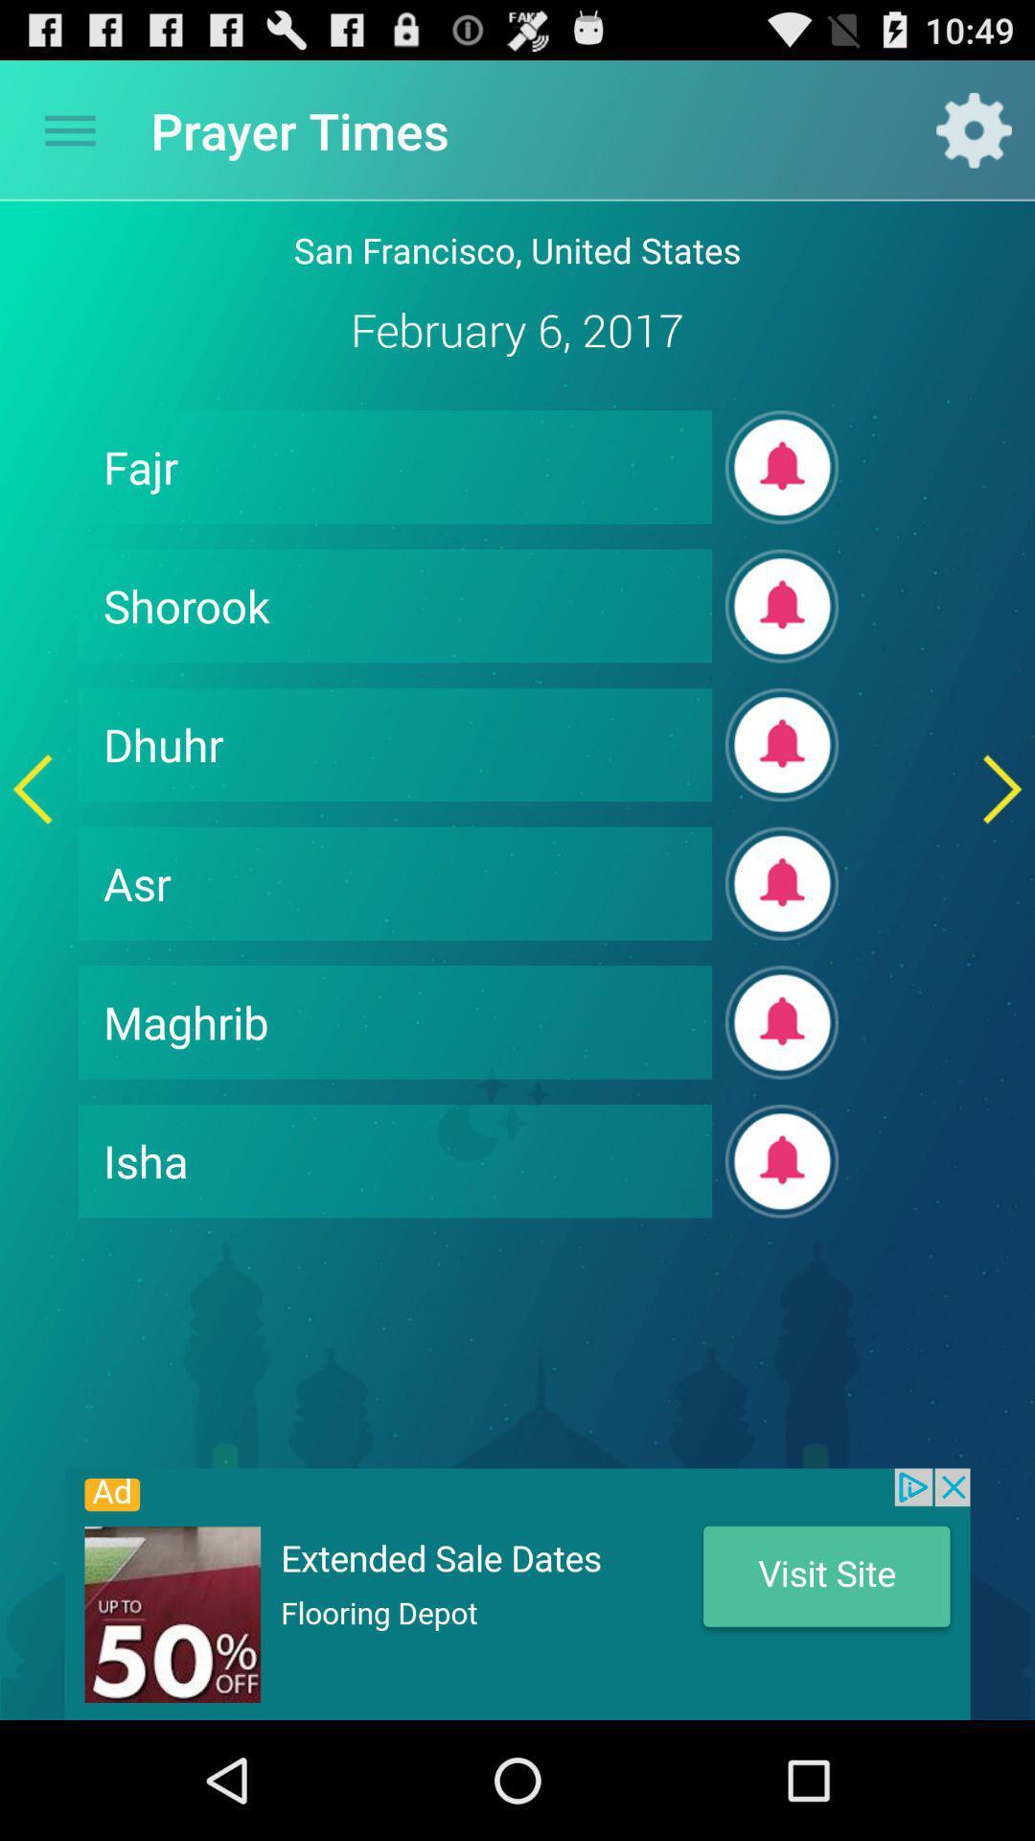 Image resolution: width=1035 pixels, height=1841 pixels. What do you see at coordinates (782, 744) in the screenshot?
I see `click bell button` at bounding box center [782, 744].